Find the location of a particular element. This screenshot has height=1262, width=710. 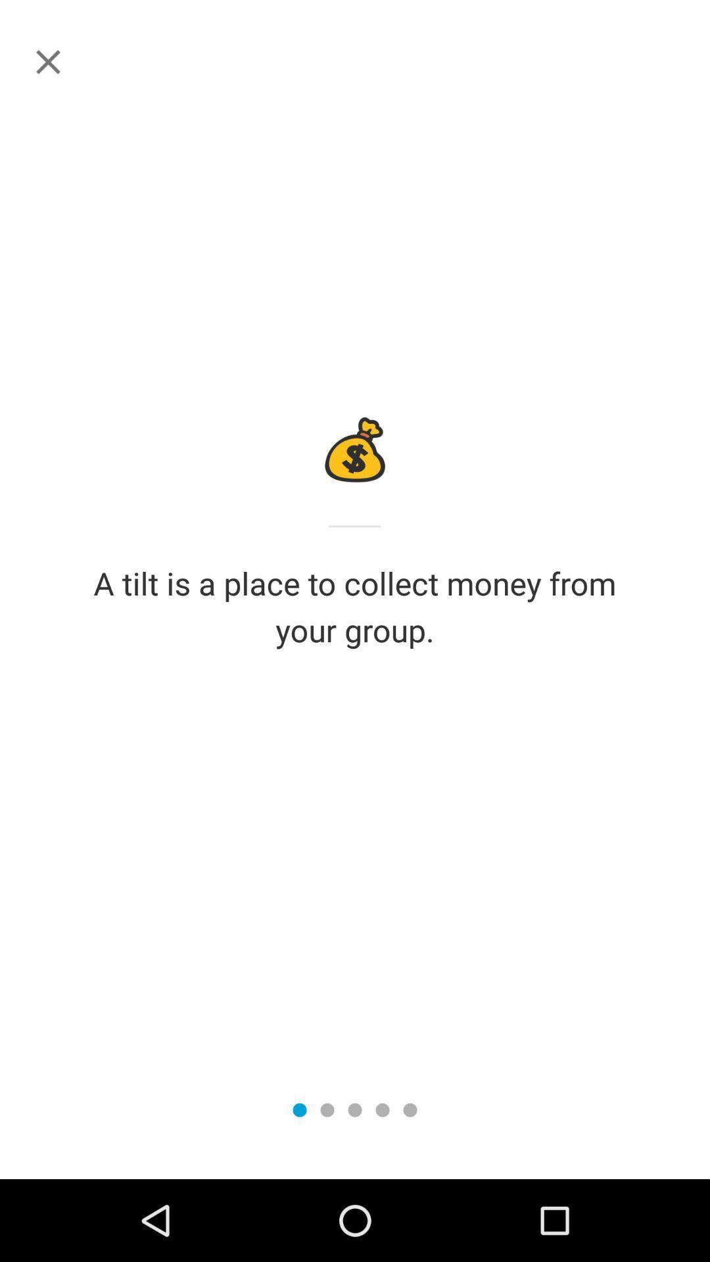

closes app is located at coordinates (47, 61).